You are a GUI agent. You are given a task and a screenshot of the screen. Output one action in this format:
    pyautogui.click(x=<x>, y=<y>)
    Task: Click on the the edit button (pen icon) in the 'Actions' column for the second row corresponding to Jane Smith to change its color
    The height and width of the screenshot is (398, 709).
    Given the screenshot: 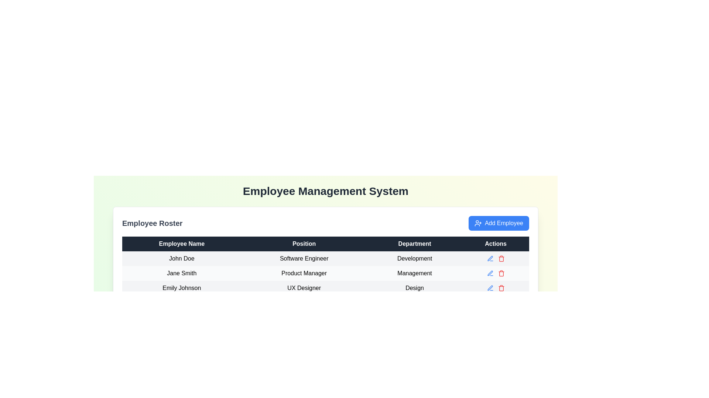 What is the action you would take?
    pyautogui.click(x=490, y=258)
    